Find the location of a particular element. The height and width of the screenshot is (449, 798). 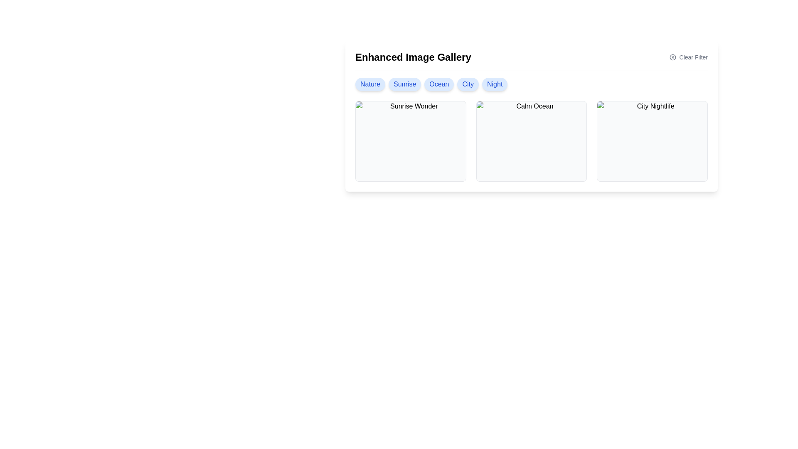

the image representing 'Sunrise Wonder' in the gallery is located at coordinates (411, 141).